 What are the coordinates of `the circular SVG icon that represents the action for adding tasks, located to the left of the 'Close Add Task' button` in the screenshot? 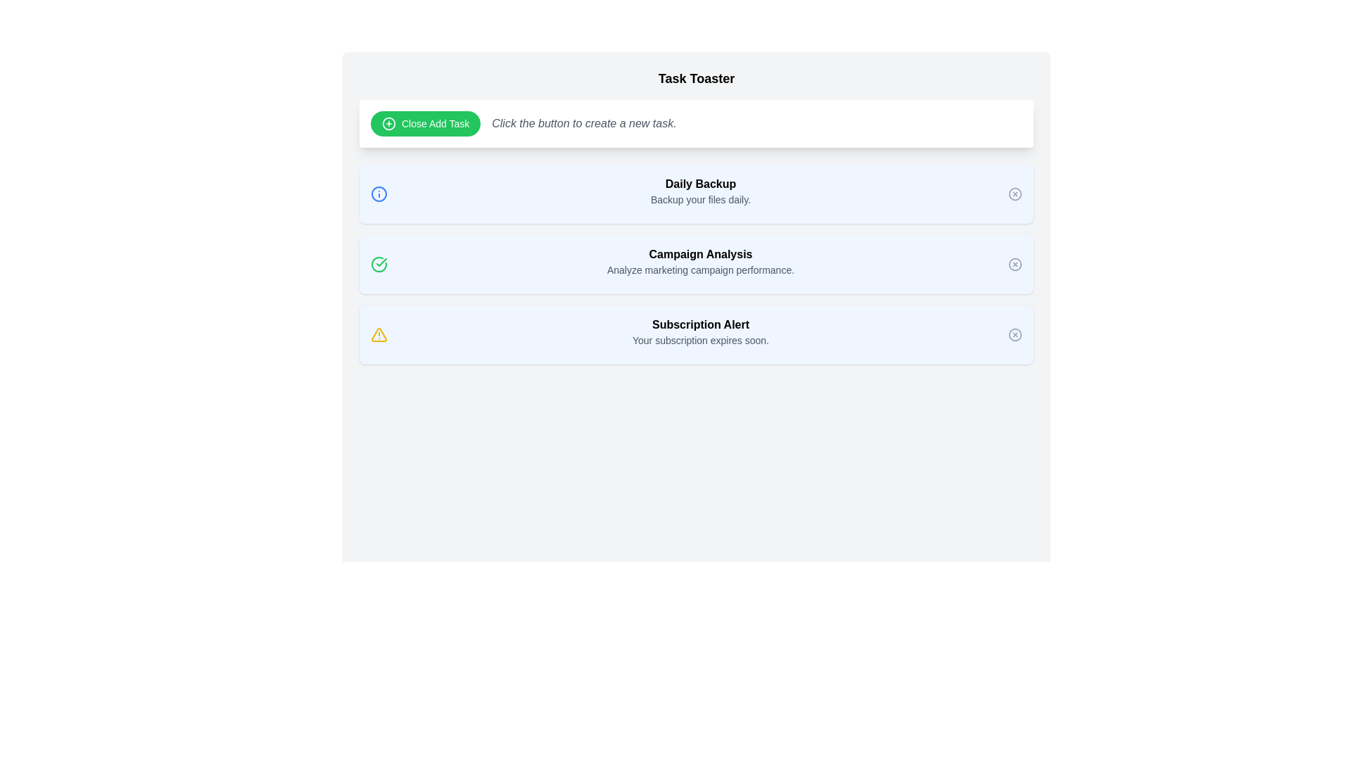 It's located at (388, 123).